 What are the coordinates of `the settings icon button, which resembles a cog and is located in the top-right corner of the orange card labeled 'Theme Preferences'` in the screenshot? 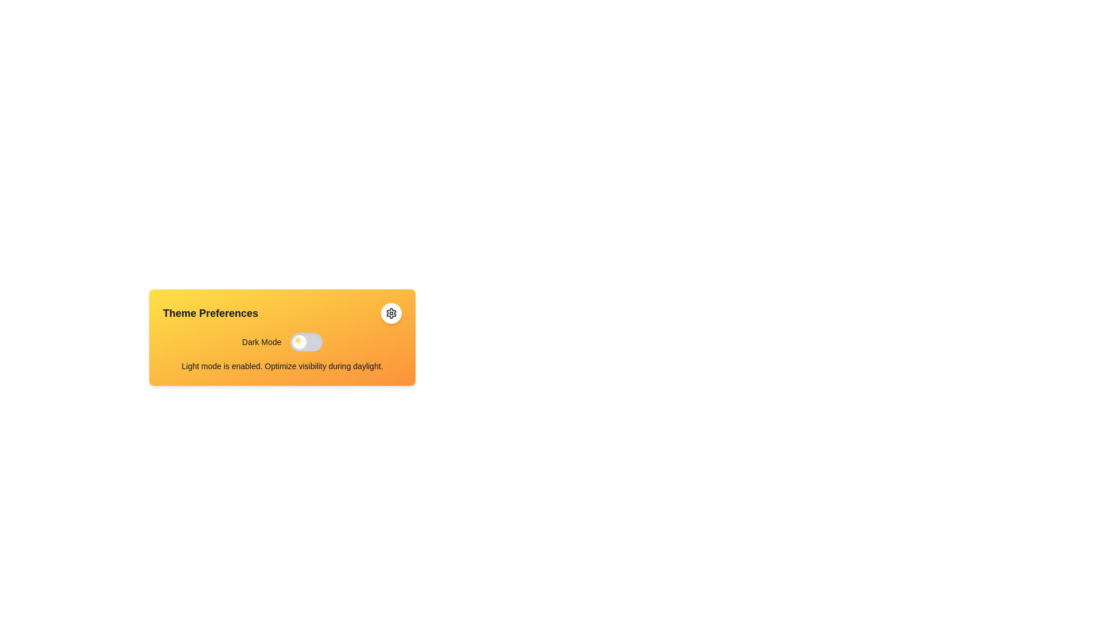 It's located at (391, 313).